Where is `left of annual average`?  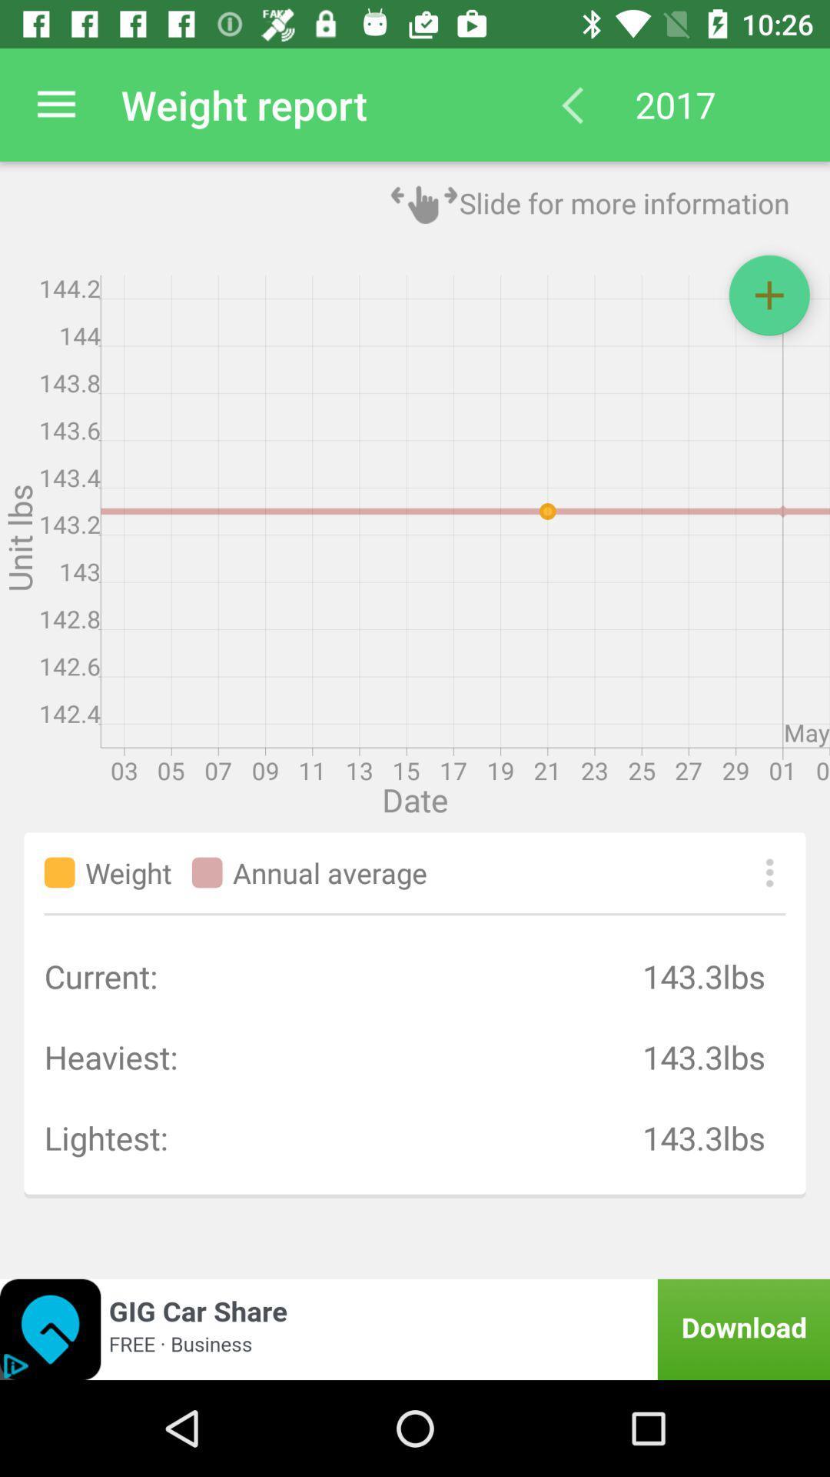
left of annual average is located at coordinates (207, 872).